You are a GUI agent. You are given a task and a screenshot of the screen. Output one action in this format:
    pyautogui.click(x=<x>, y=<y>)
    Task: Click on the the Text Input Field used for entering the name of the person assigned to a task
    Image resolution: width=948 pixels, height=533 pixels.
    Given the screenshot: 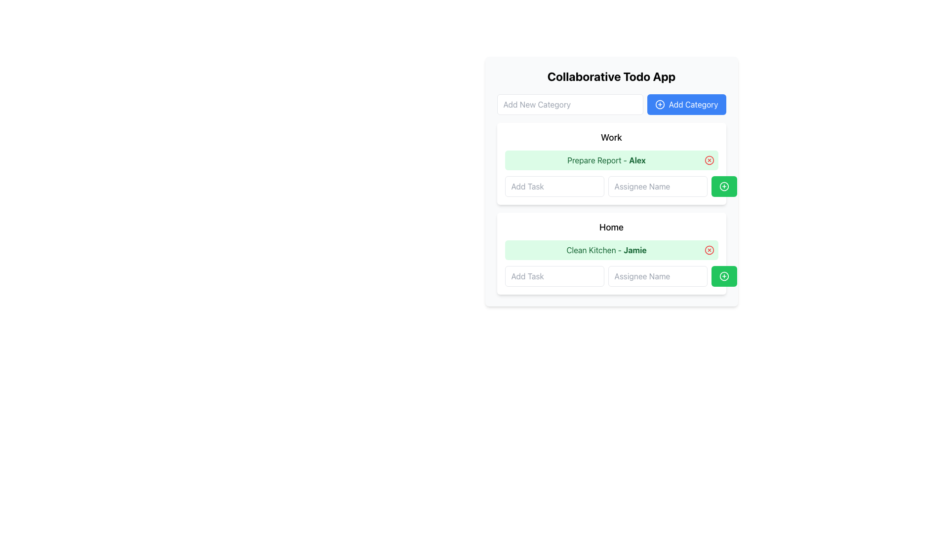 What is the action you would take?
    pyautogui.click(x=657, y=187)
    